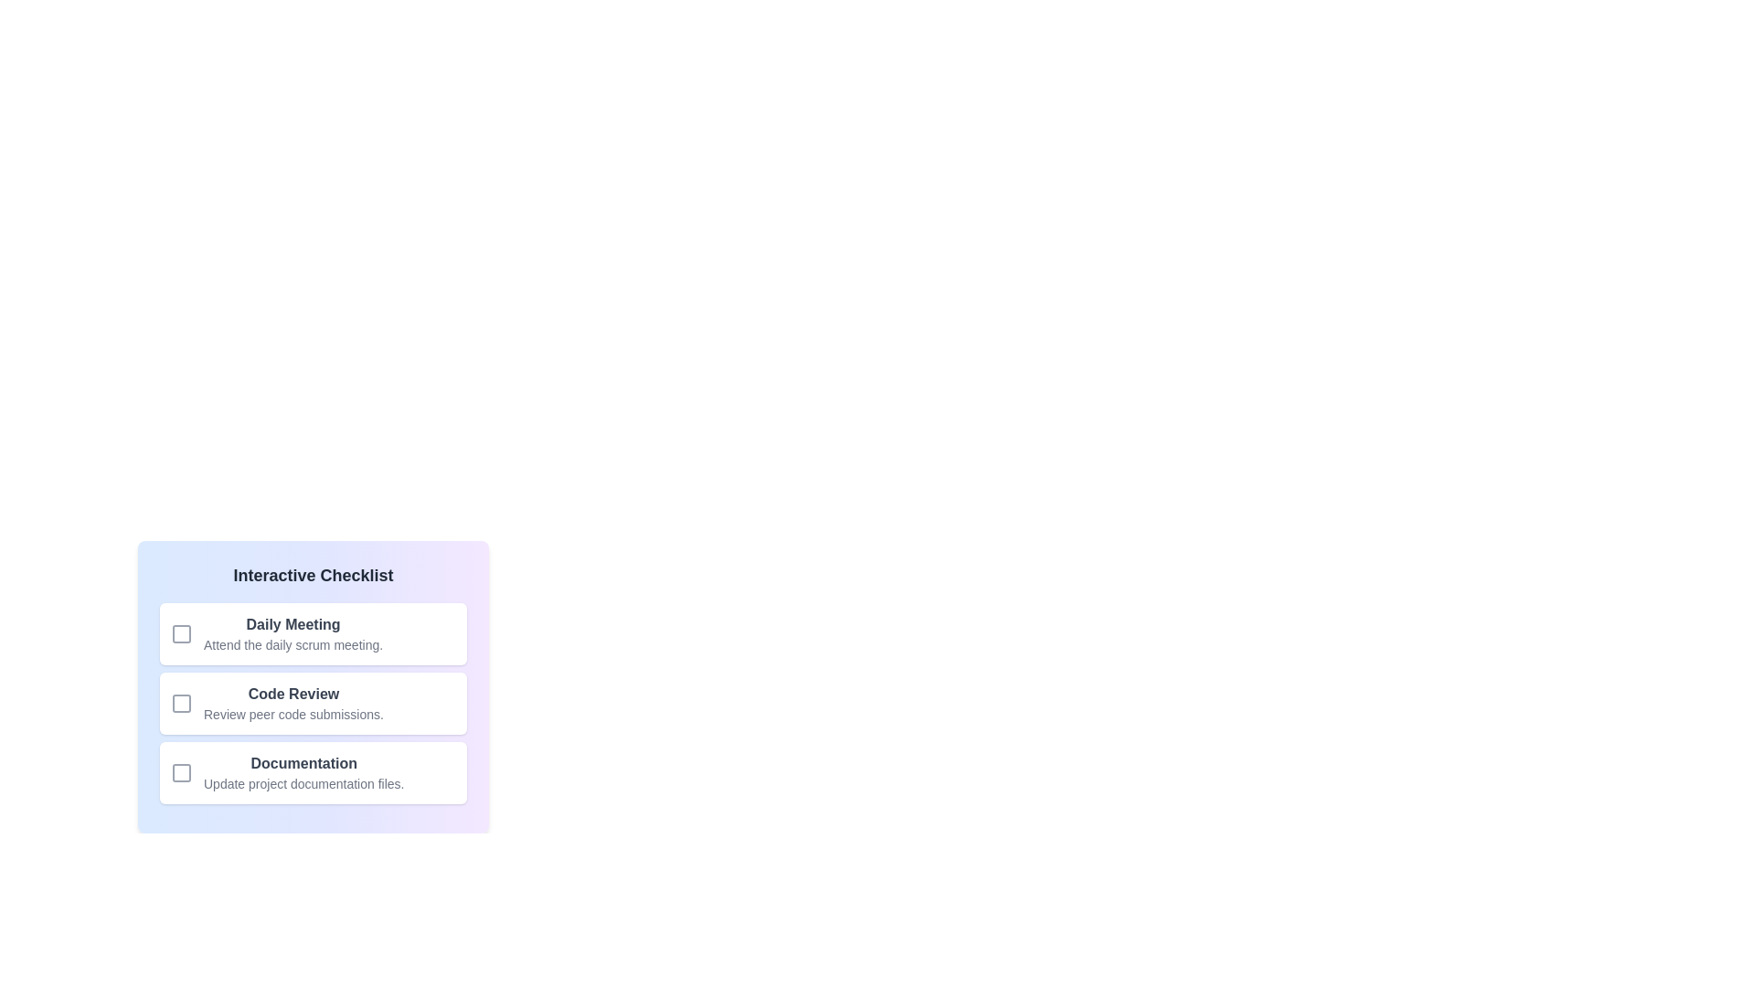  Describe the element at coordinates (293, 633) in the screenshot. I see `details of the task in the 'Daily Meeting' text block, which is part of the interactive checklist` at that location.